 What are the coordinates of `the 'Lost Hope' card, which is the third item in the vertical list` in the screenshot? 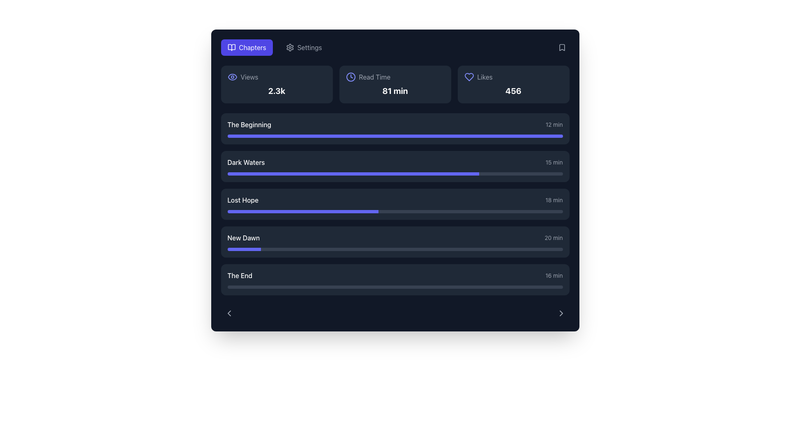 It's located at (395, 203).